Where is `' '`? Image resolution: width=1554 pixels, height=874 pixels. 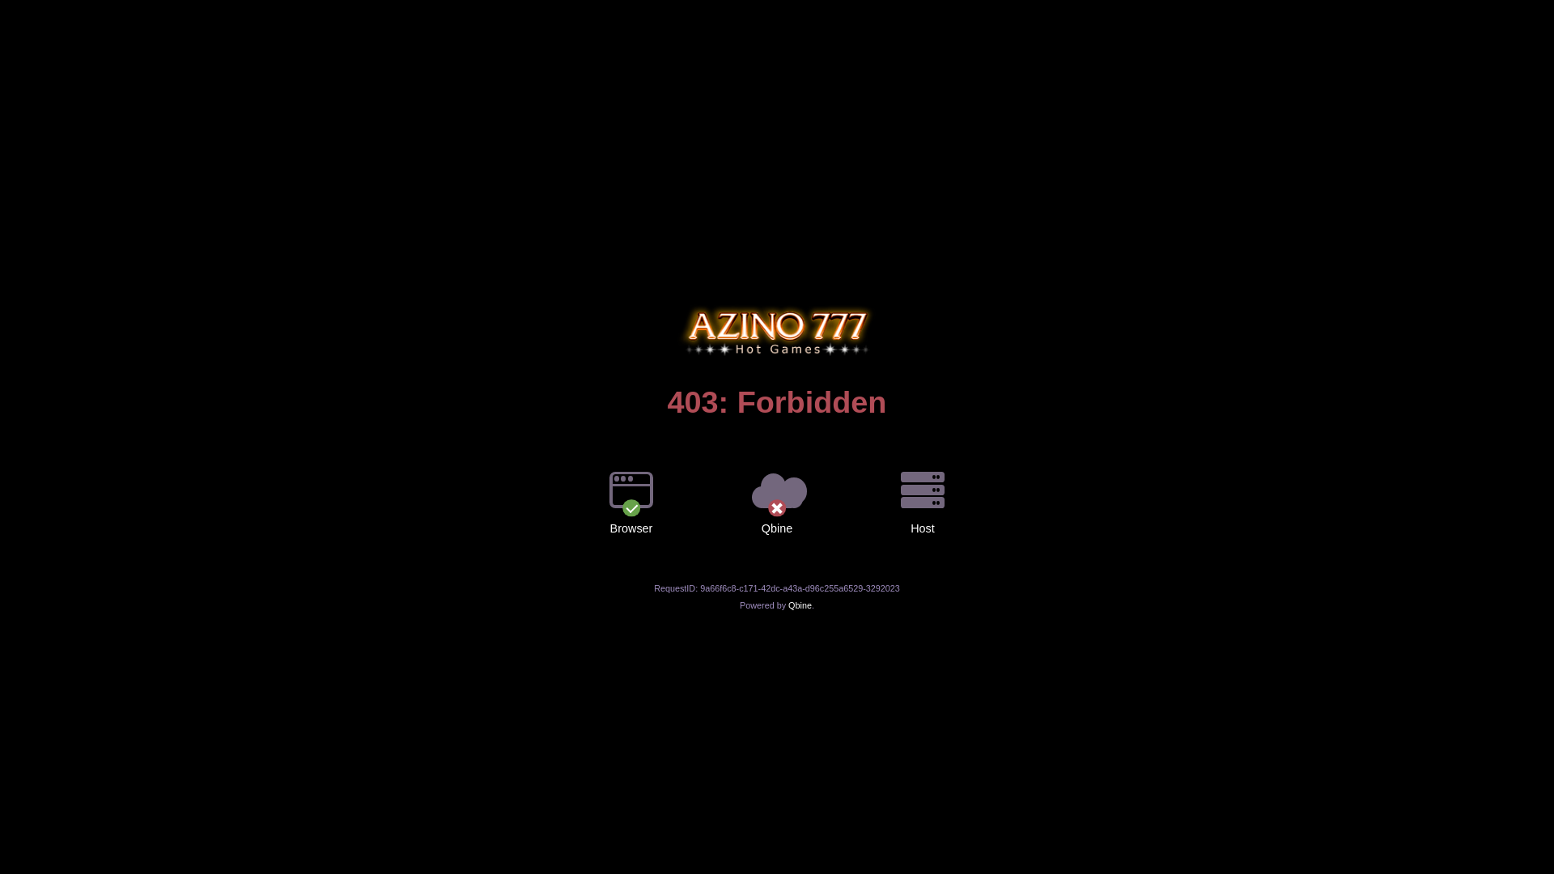 ' ' is located at coordinates (777, 305).